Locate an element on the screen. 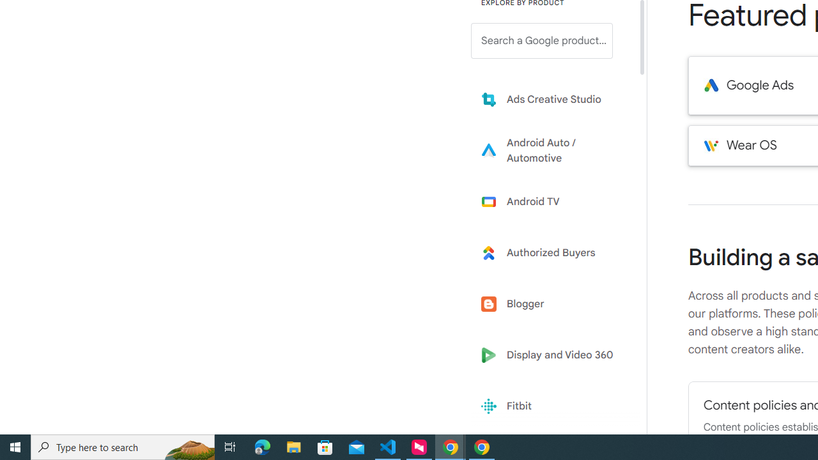  'Learn more about Android Auto' is located at coordinates (551, 149).